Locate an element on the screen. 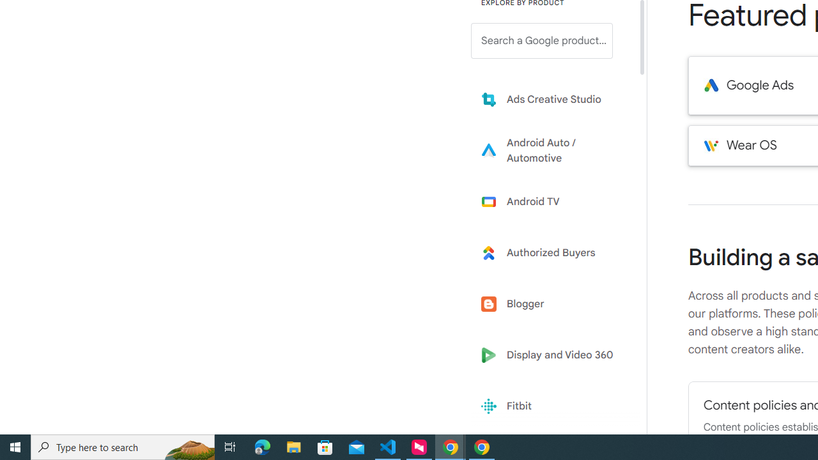  'Learn more about Android Auto' is located at coordinates (551, 149).